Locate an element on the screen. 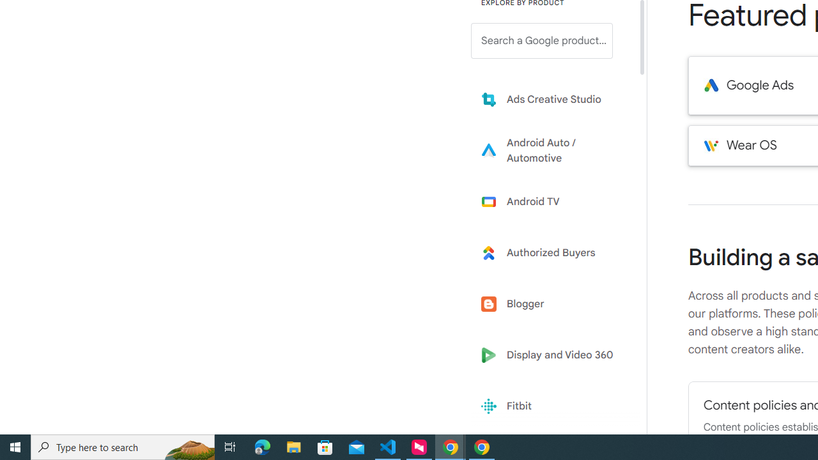  'Learn more about Android Auto' is located at coordinates (551, 149).